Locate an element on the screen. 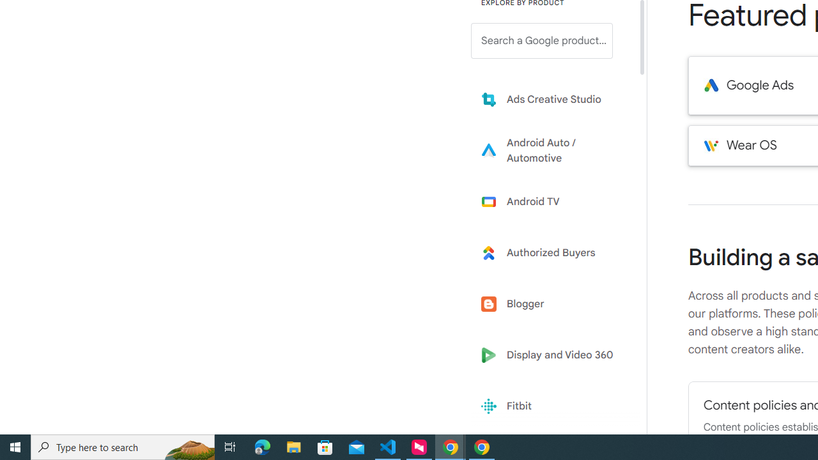  'Learn more about Android Auto' is located at coordinates (551, 149).